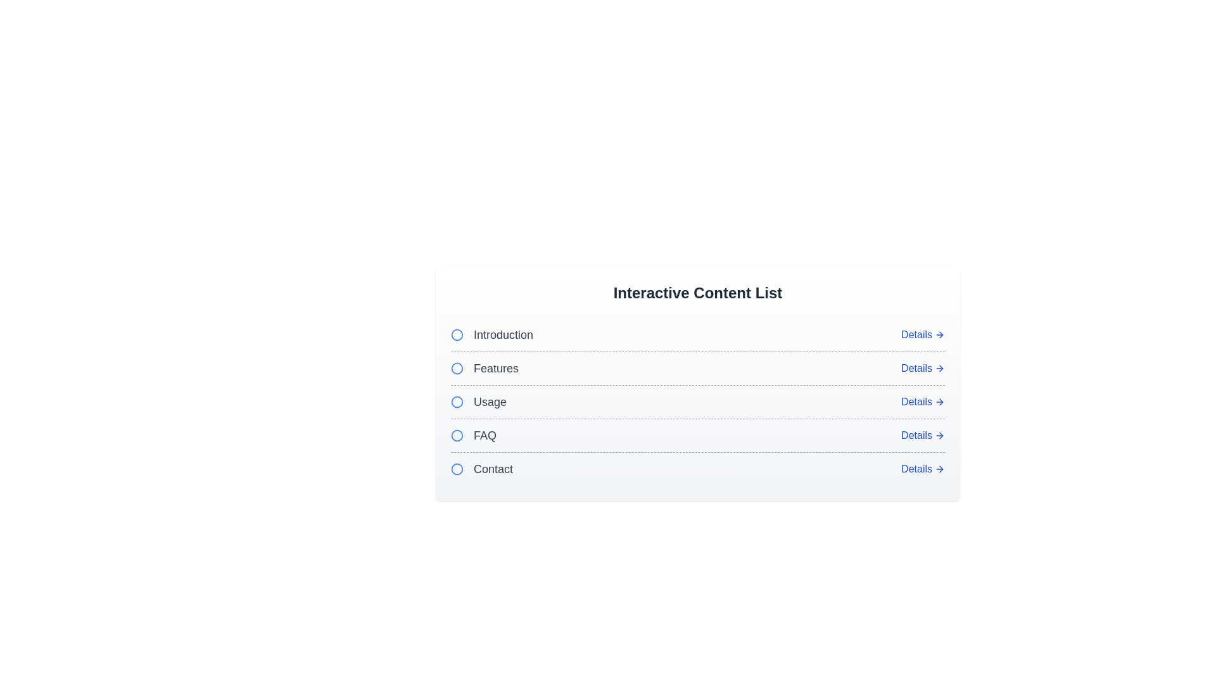 This screenshot has height=684, width=1216. Describe the element at coordinates (456, 434) in the screenshot. I see `the blue circular icon located next to the text 'FAQ' to engage with surrounding text or components` at that location.